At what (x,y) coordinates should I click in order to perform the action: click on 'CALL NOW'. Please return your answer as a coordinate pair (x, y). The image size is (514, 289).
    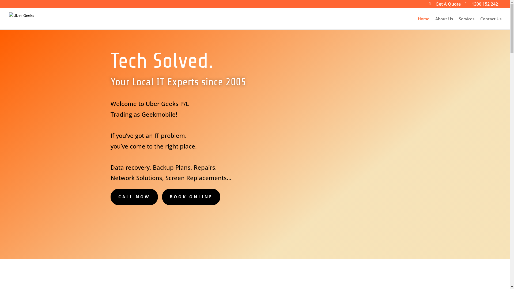
    Looking at the image, I should click on (134, 197).